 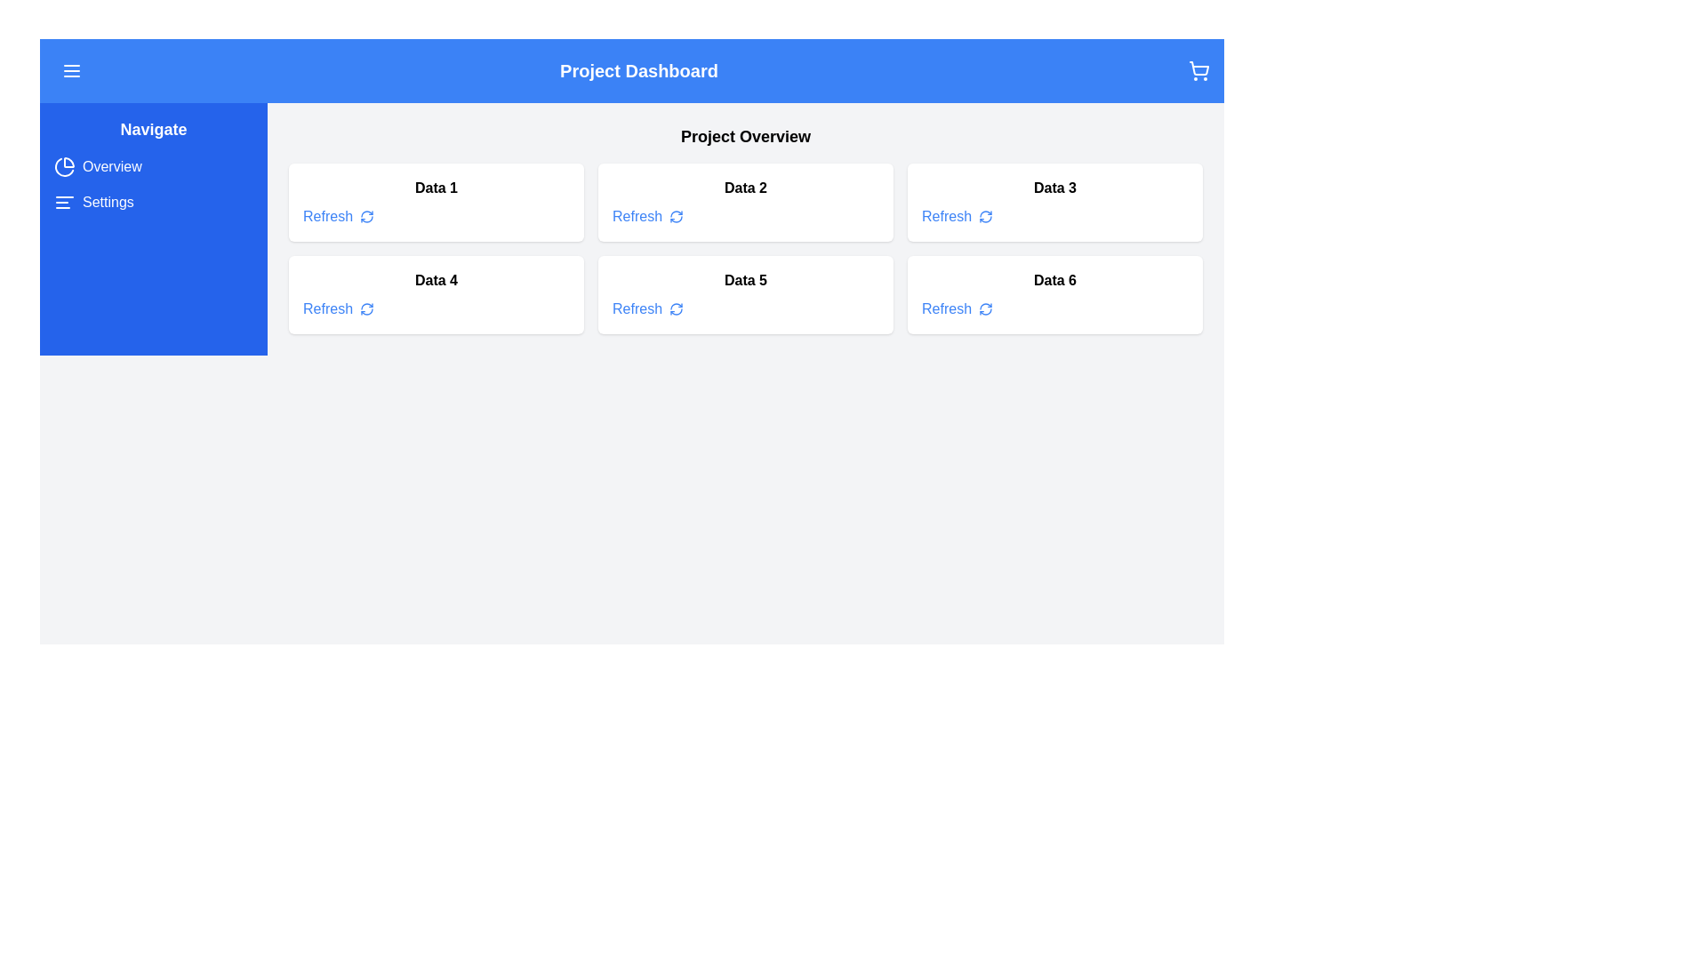 I want to click on the circular blue refresh icon located next to the 'Refresh' text within the 'Data 6' card, so click(x=984, y=308).